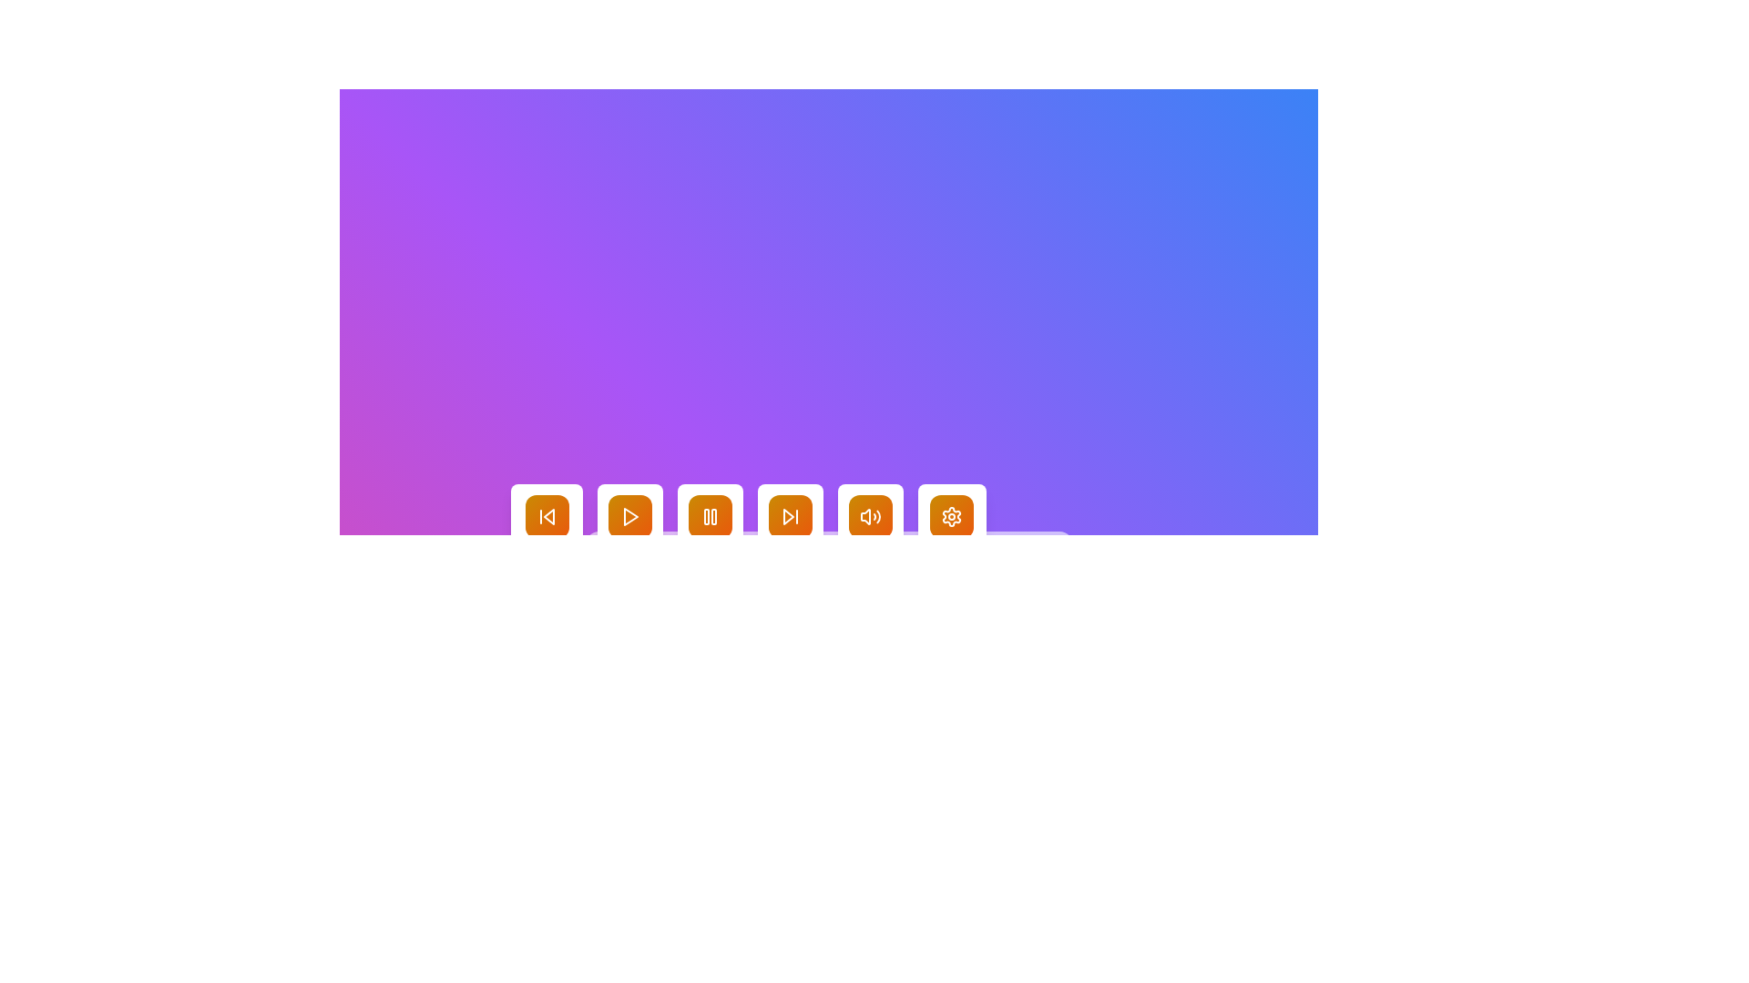 This screenshot has width=1749, height=983. Describe the element at coordinates (788, 516) in the screenshot. I see `the right-pointing triangular play button with a bold white outline and an orange fill, which is centrally located within the control panel row` at that location.